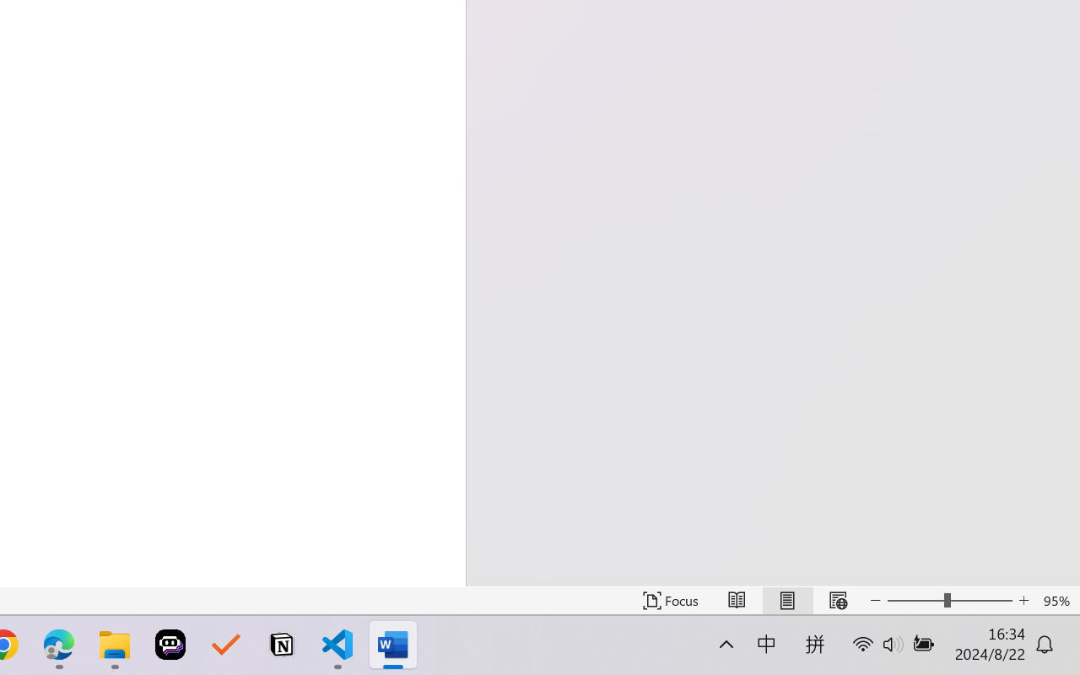  What do you see at coordinates (1056, 600) in the screenshot?
I see `'Zoom 95%'` at bounding box center [1056, 600].